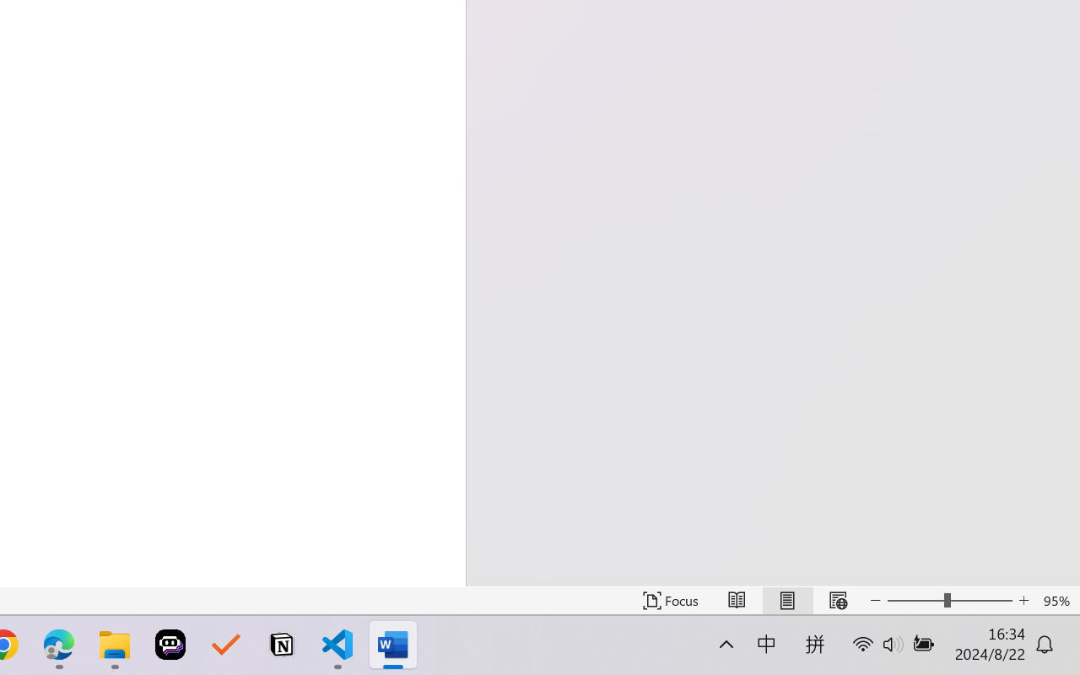  What do you see at coordinates (1056, 600) in the screenshot?
I see `'Zoom 95%'` at bounding box center [1056, 600].